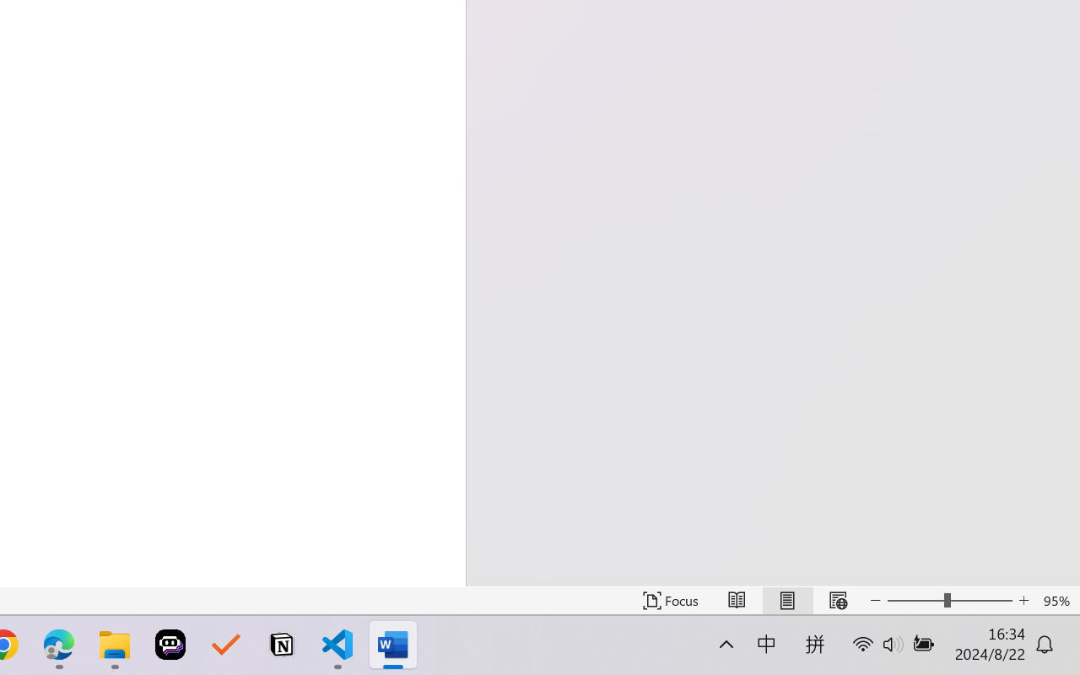  What do you see at coordinates (1056, 600) in the screenshot?
I see `'Zoom 95%'` at bounding box center [1056, 600].